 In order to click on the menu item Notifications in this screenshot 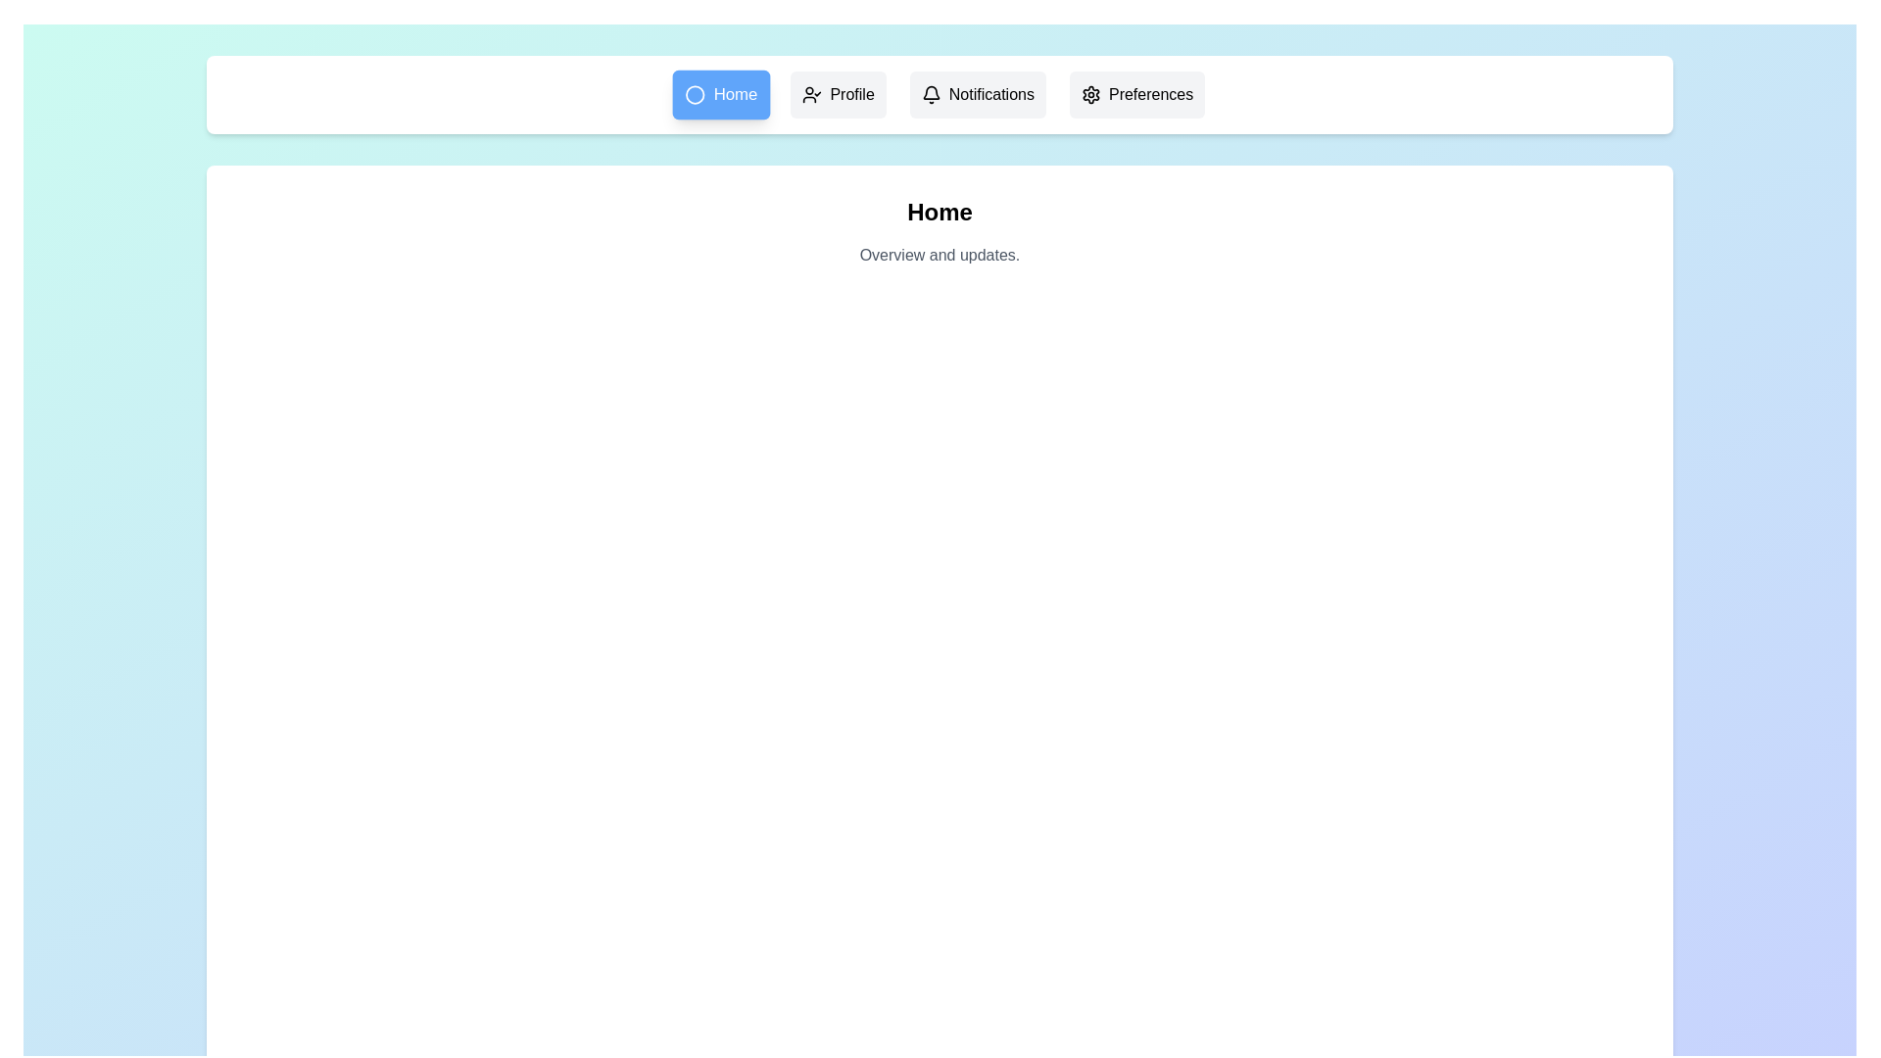, I will do `click(978, 94)`.